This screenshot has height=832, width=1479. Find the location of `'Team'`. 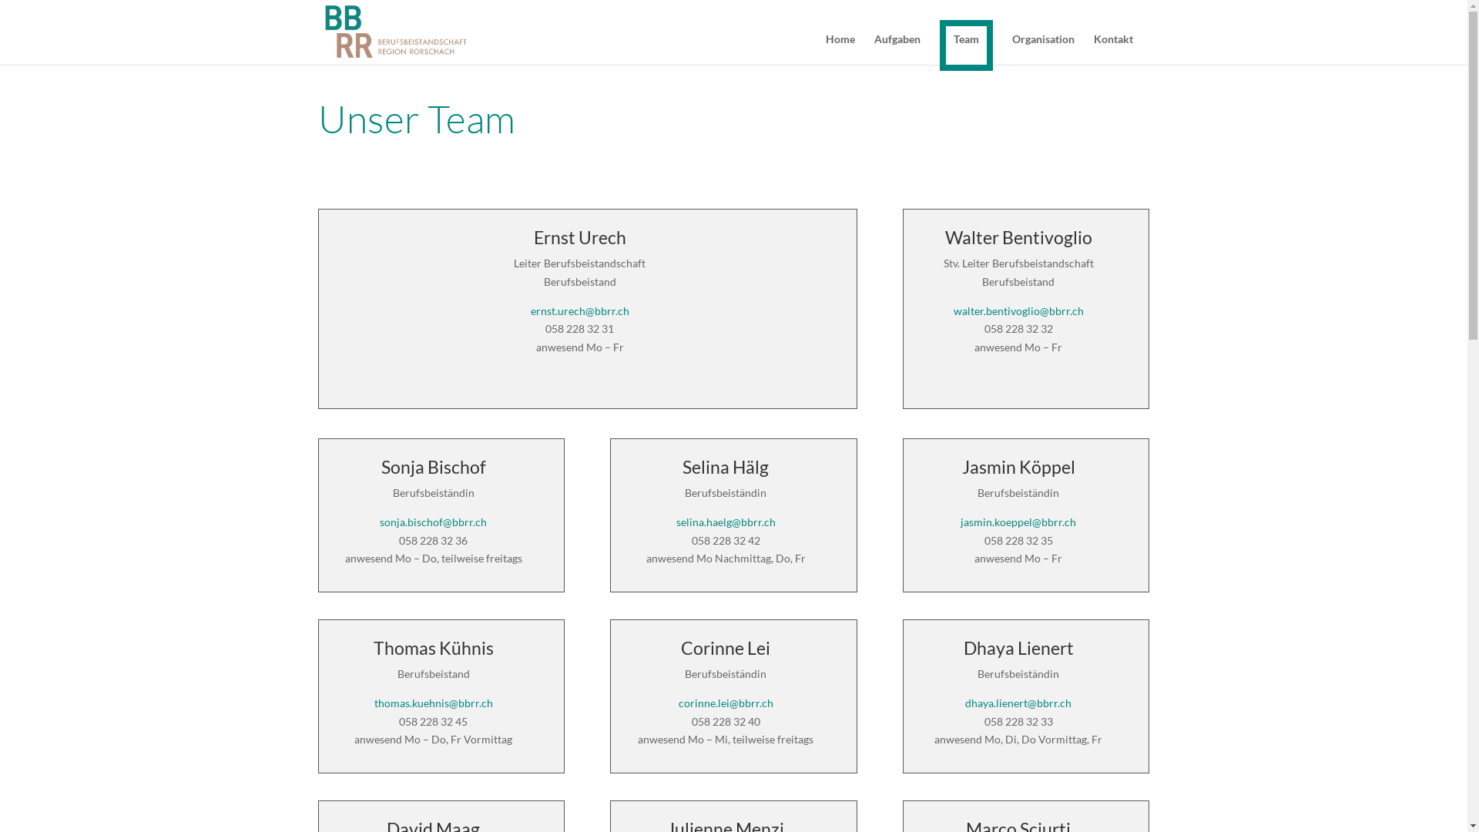

'Team' is located at coordinates (938, 44).